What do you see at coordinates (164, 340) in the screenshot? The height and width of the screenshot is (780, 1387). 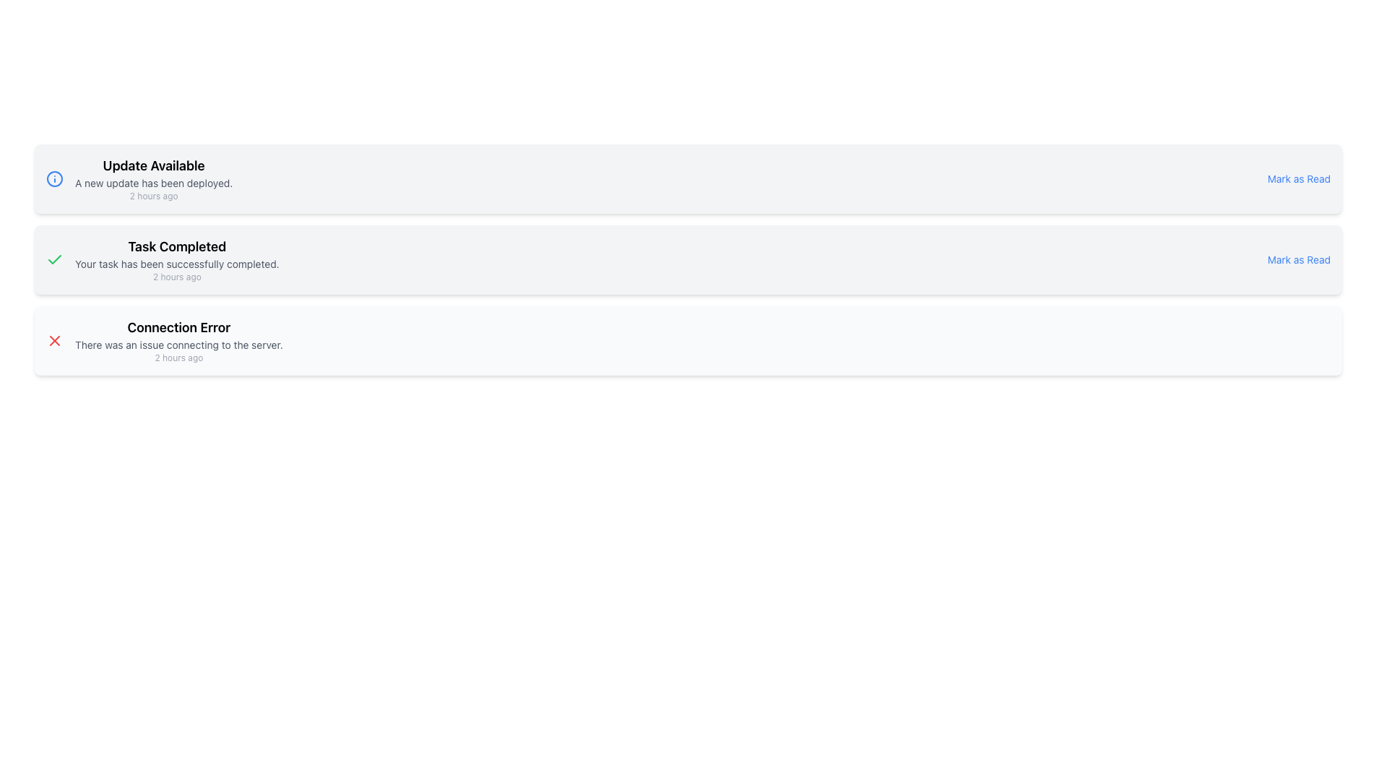 I see `the Notification Component displaying 'Connection Error' with the message 'There was an issue connecting to the server.'` at bounding box center [164, 340].